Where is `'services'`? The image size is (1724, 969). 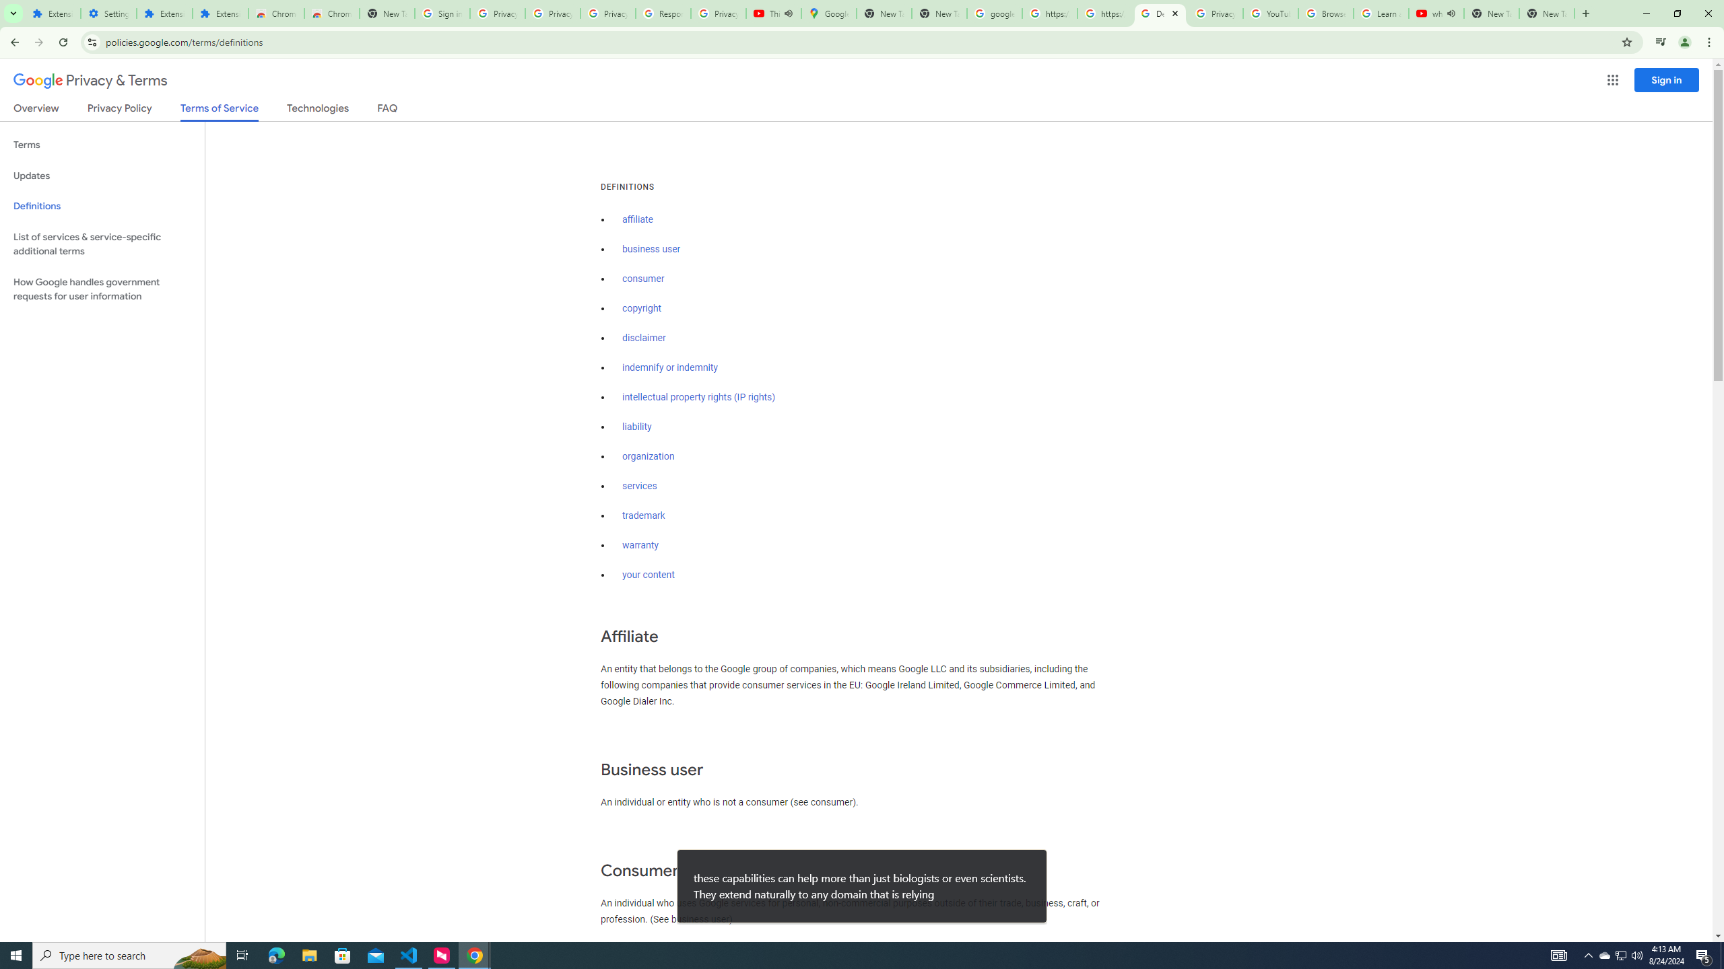 'services' is located at coordinates (639, 485).